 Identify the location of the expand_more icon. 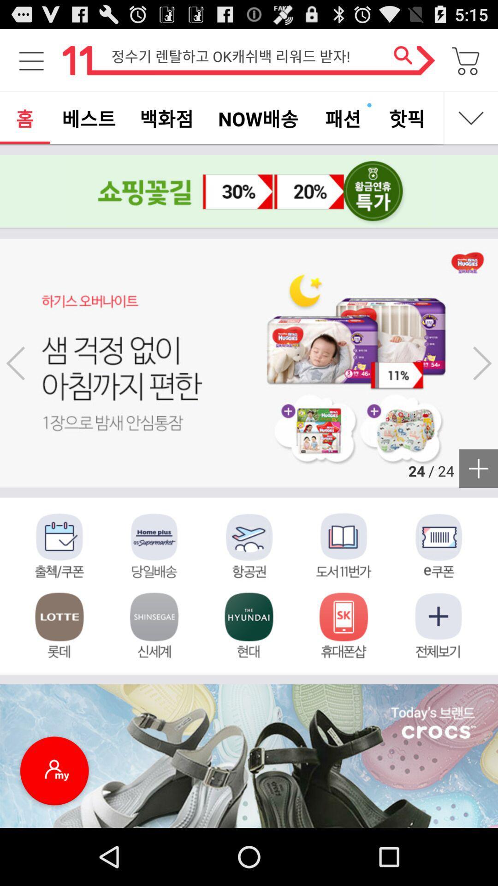
(471, 126).